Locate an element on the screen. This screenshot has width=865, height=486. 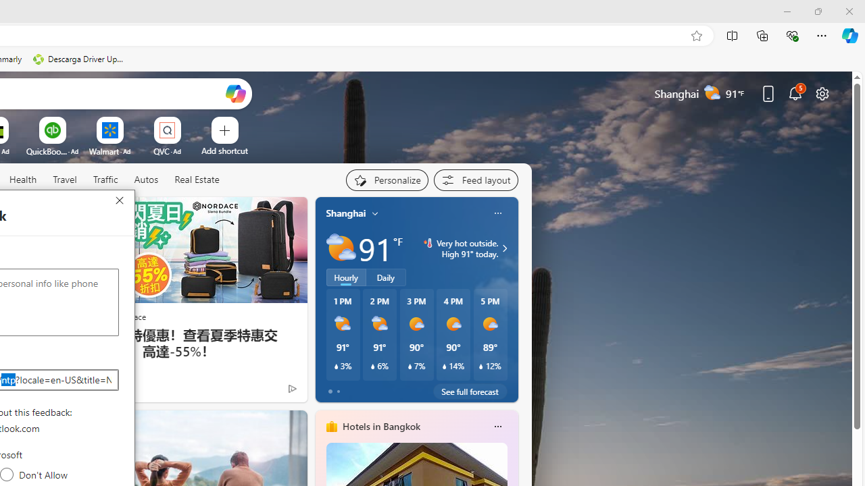
'Page settings' is located at coordinates (821, 92).